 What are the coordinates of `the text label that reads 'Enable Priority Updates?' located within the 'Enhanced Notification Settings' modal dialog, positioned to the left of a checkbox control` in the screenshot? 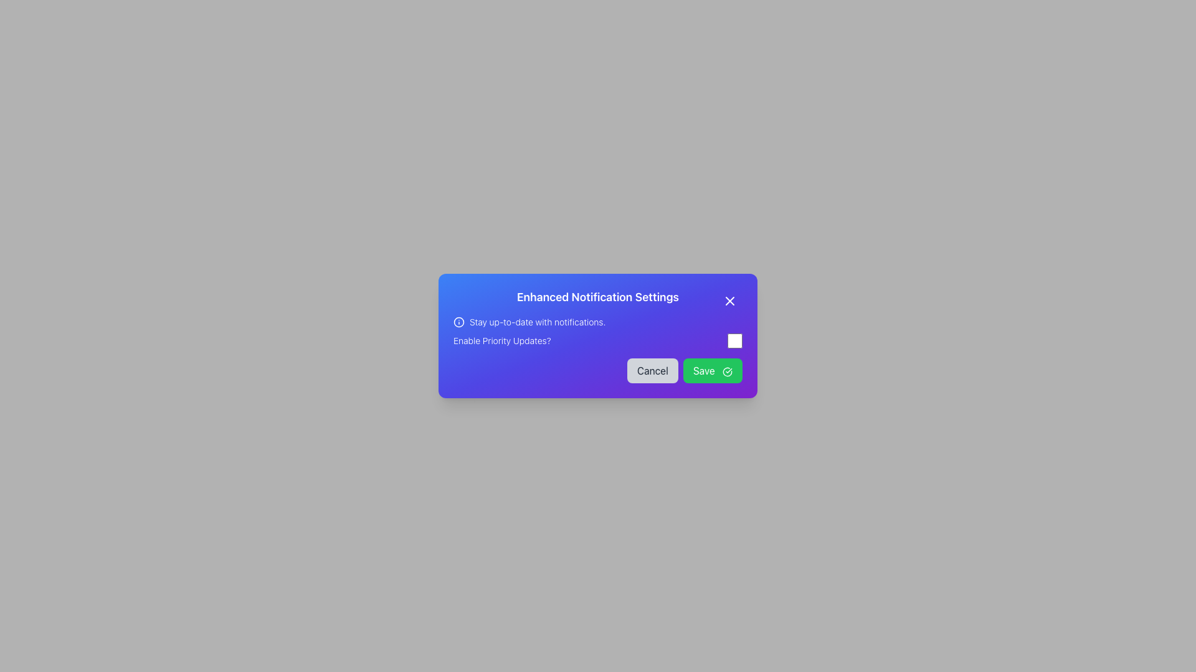 It's located at (502, 340).